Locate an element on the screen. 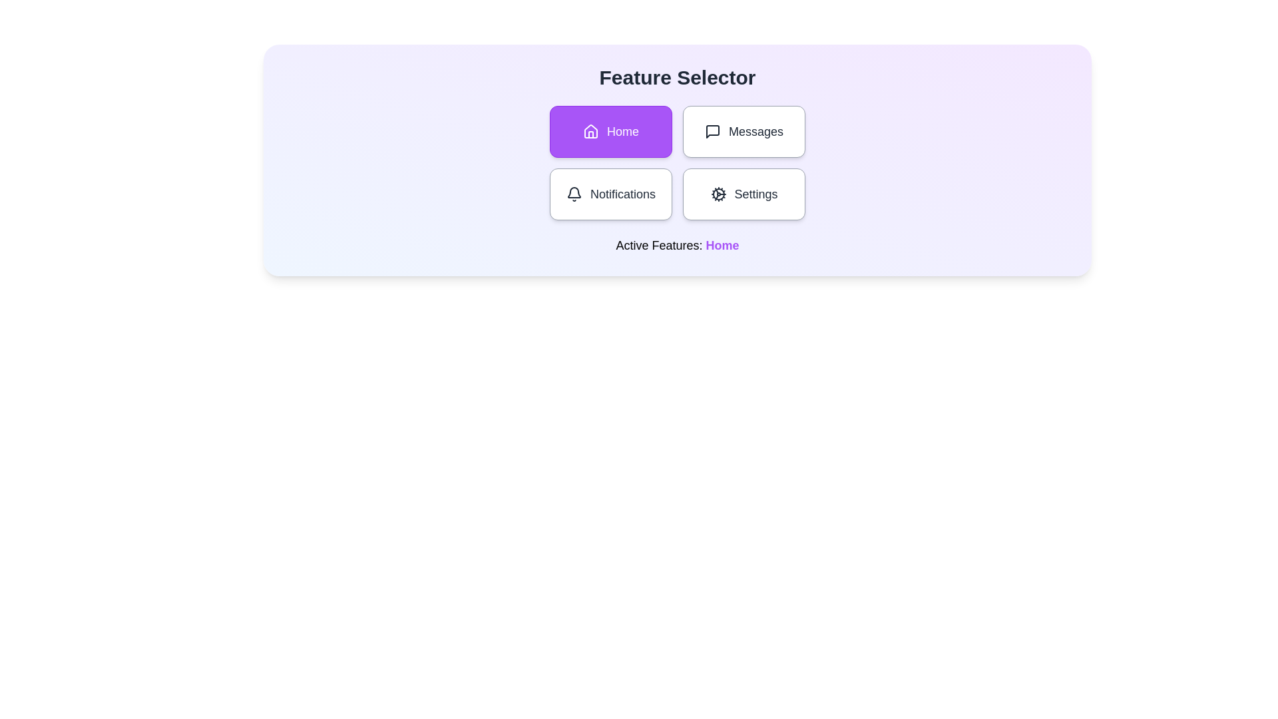  the settings icon, which is a circular cogwheel graphic within the button labeled 'Settings' located at the bottom-right corner of the feature selector interface is located at coordinates (718, 194).